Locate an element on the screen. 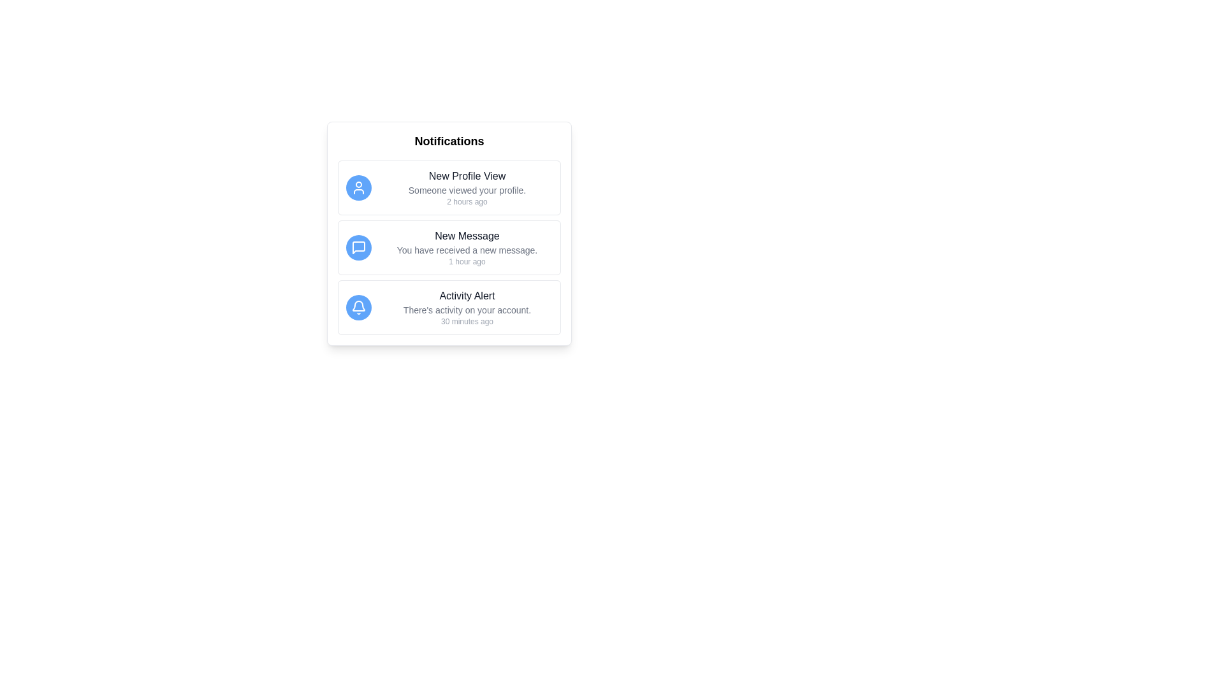 The height and width of the screenshot is (688, 1224). the Notification list that aggregates and displays recent notifications, positioned below the 'Notifications' header is located at coordinates (449, 233).